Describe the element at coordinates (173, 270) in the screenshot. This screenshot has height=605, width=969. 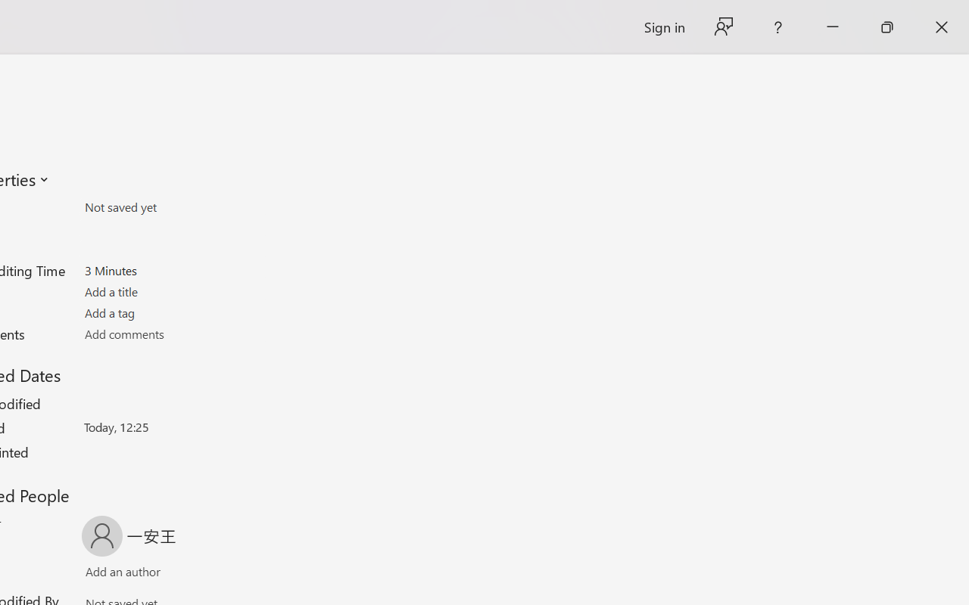
I see `'Total Editing Time'` at that location.